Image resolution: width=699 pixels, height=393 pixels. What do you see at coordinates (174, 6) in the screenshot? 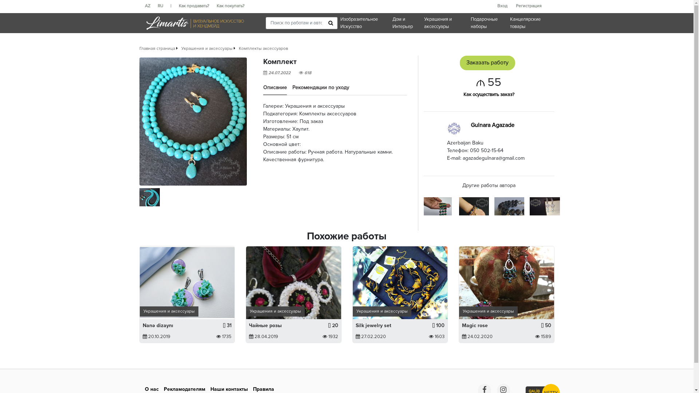
I see `'|'` at bounding box center [174, 6].